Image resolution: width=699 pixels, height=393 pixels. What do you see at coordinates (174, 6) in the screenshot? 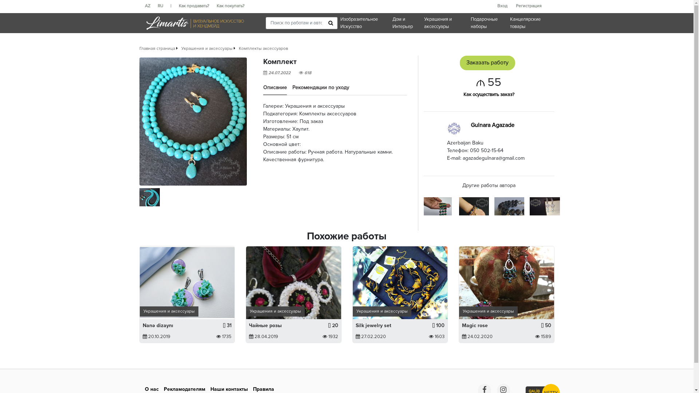
I see `'|'` at bounding box center [174, 6].